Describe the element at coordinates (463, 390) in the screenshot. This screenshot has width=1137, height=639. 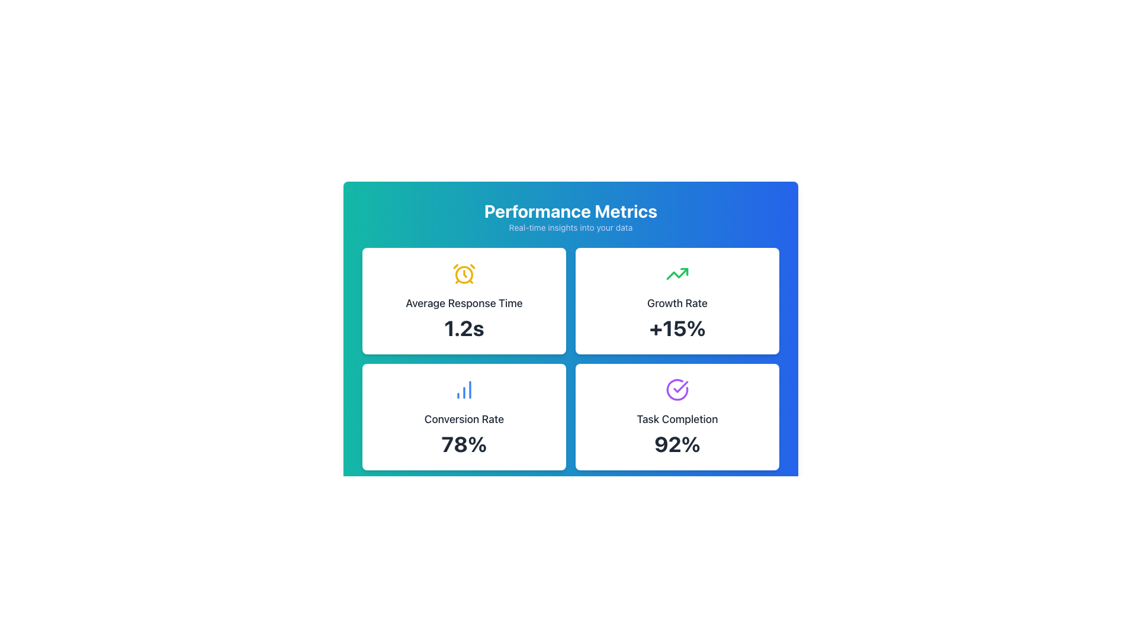
I see `the small blue bar chart icon located in the lower-left card of a 2x2 grid layout, which is above the text 'Conversion Rate' and aligned centrally within the card` at that location.